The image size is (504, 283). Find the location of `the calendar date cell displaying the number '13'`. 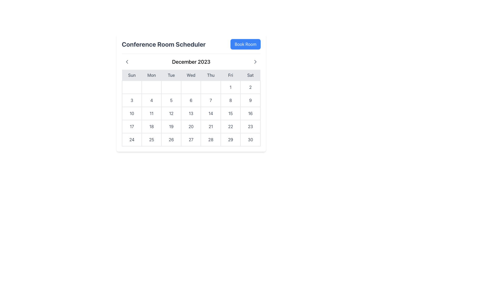

the calendar date cell displaying the number '13' is located at coordinates (191, 113).